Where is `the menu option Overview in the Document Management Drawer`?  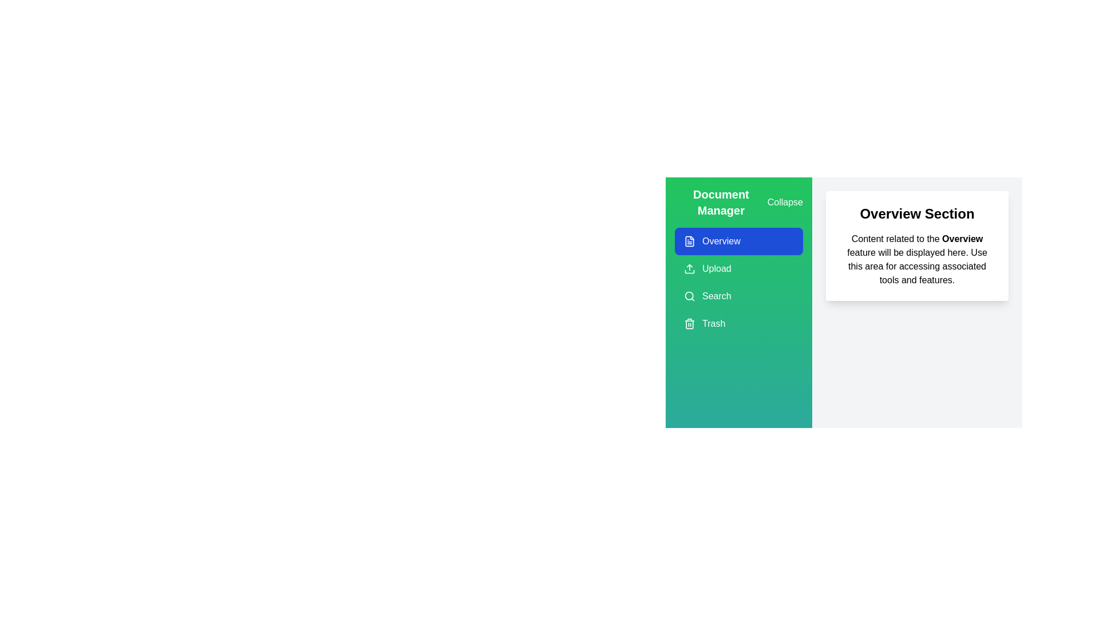
the menu option Overview in the Document Management Drawer is located at coordinates (739, 240).